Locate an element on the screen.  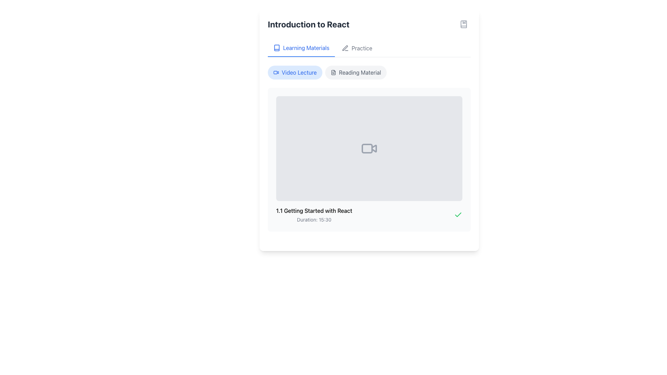
the checkmark icon located in the bottom right region of the card that signifies confirmation or correctness is located at coordinates (458, 214).